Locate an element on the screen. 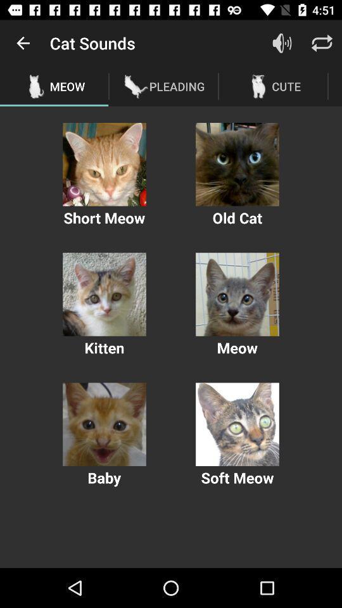 The height and width of the screenshot is (608, 342). sound is located at coordinates (237, 294).